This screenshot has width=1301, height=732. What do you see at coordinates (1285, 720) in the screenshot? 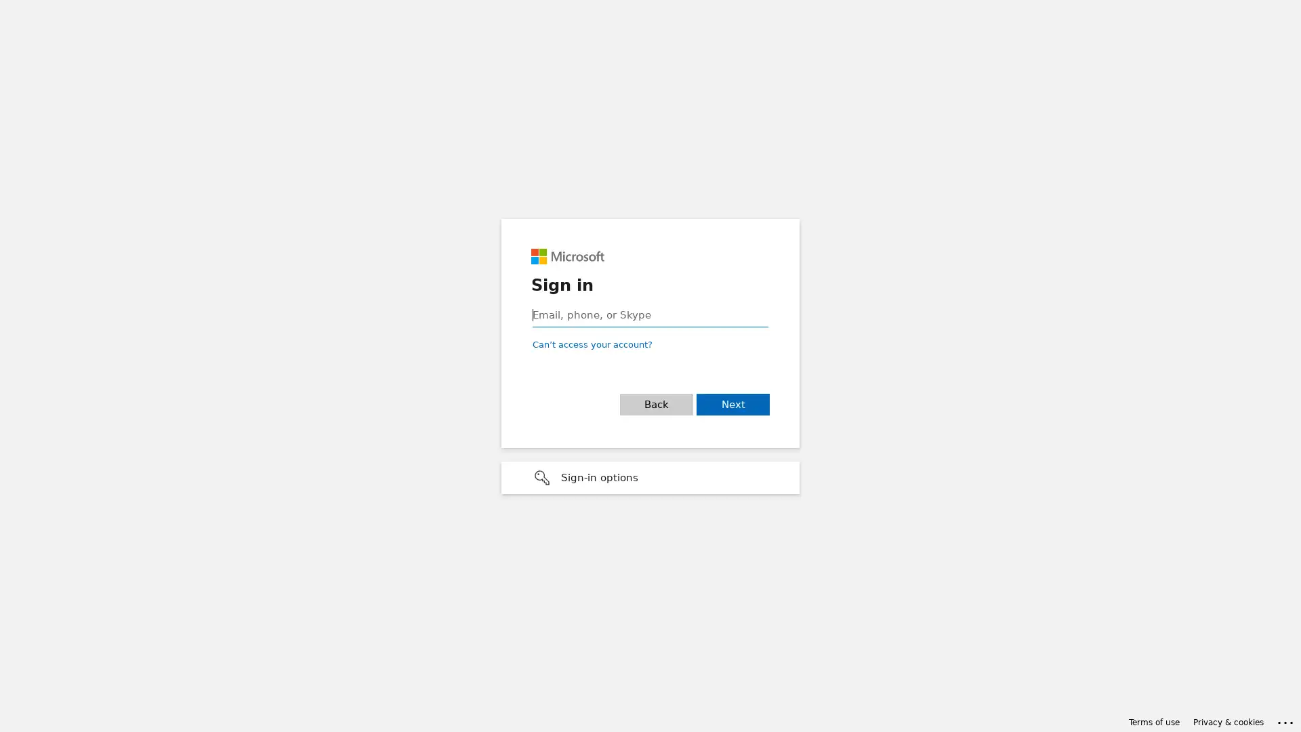
I see `Click here for troubleshooting information` at bounding box center [1285, 720].